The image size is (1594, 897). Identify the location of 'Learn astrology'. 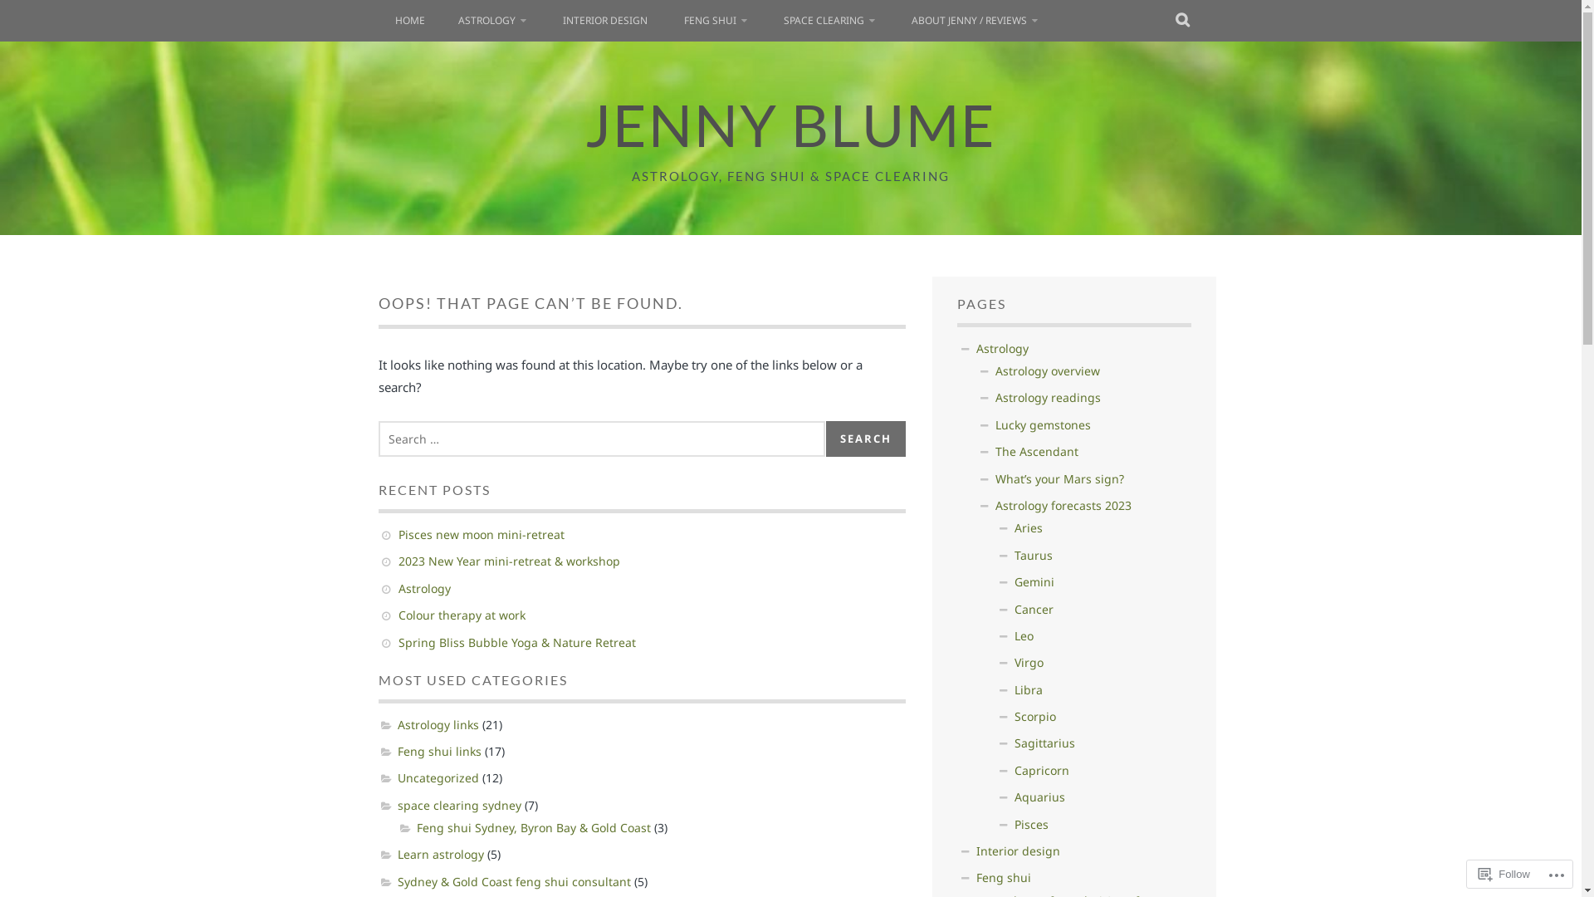
(439, 854).